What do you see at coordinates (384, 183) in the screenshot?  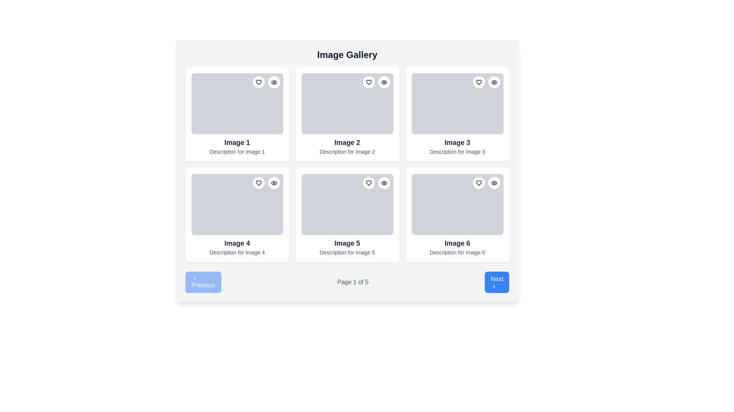 I see `the visibility button located in the upper-right corner of the fifth image in the second row of the image gallery` at bounding box center [384, 183].